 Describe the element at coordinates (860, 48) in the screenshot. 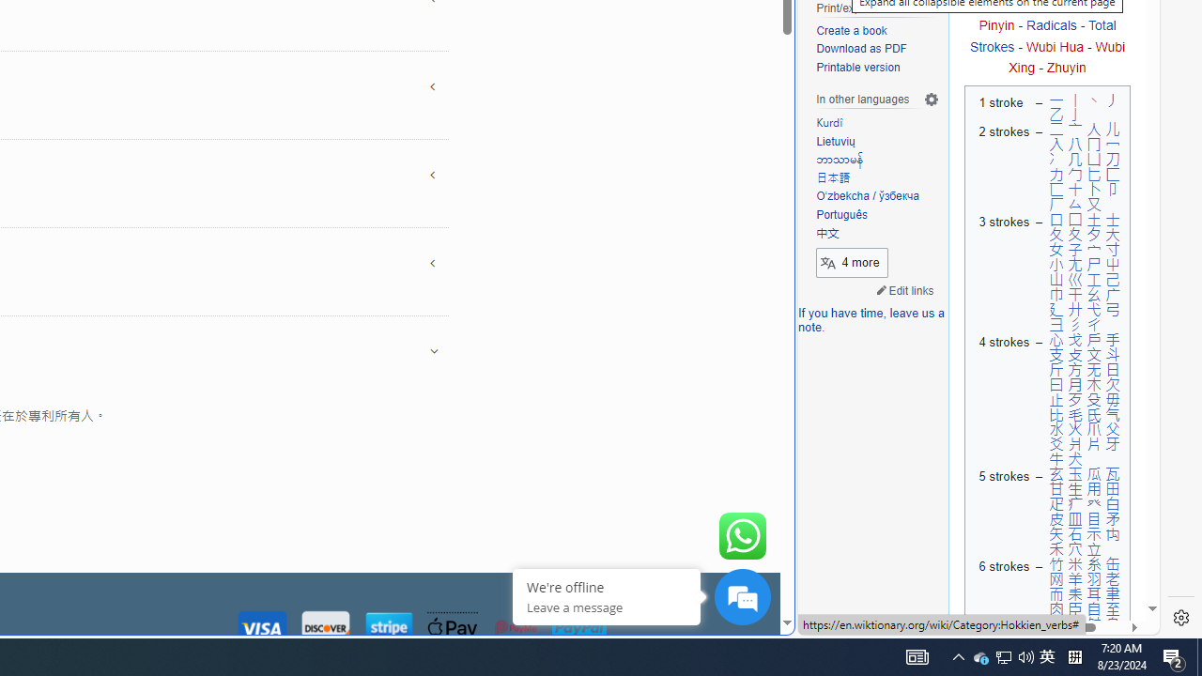

I see `'Download as PDF'` at that location.